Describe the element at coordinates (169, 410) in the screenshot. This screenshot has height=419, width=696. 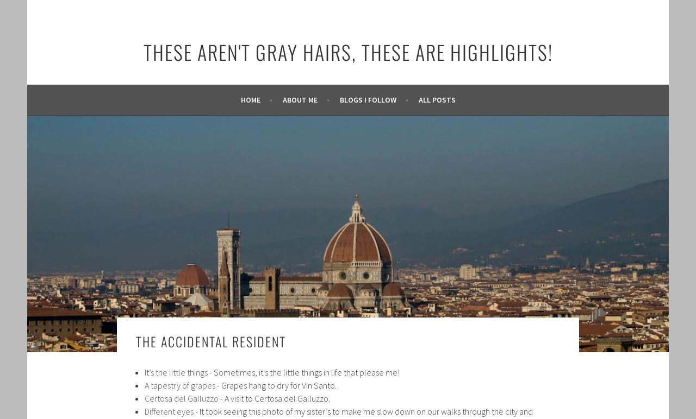
I see `'Different eyes'` at that location.